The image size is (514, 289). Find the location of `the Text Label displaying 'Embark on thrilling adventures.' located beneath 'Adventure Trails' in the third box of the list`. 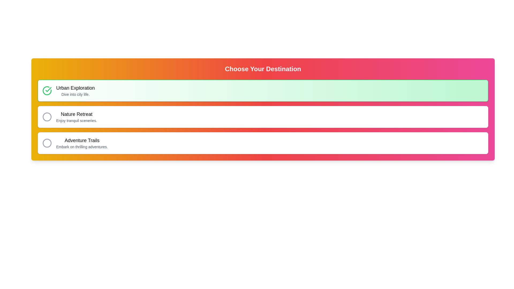

the Text Label displaying 'Embark on thrilling adventures.' located beneath 'Adventure Trails' in the third box of the list is located at coordinates (82, 147).